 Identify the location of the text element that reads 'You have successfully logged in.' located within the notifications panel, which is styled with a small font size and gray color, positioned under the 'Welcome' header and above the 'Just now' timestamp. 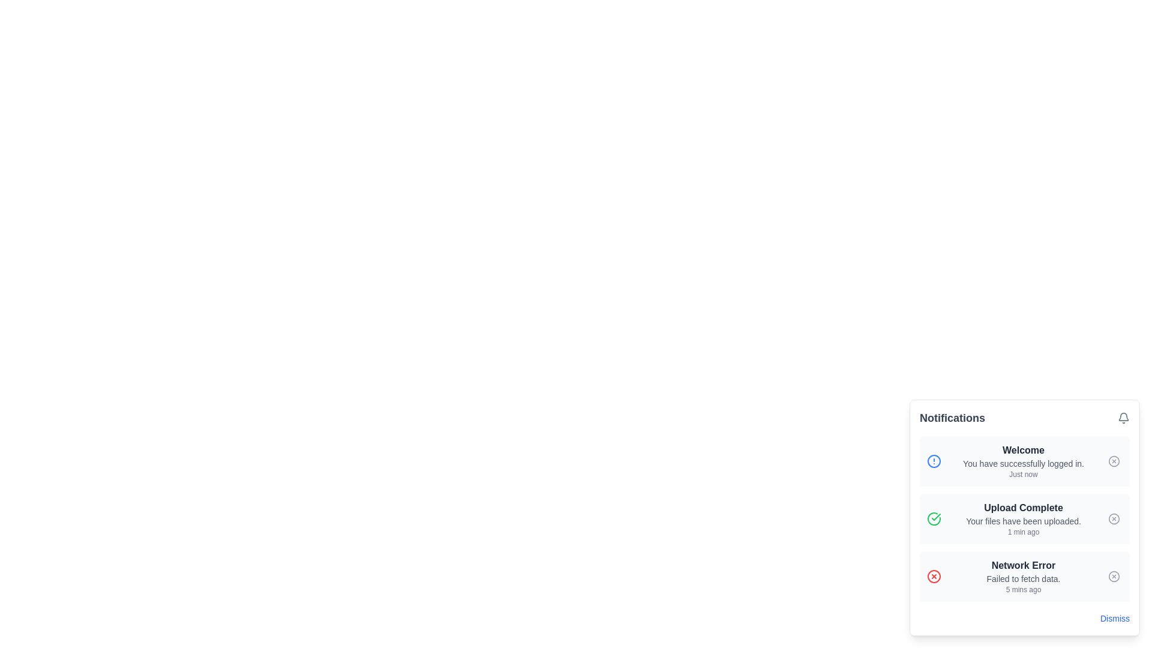
(1022, 463).